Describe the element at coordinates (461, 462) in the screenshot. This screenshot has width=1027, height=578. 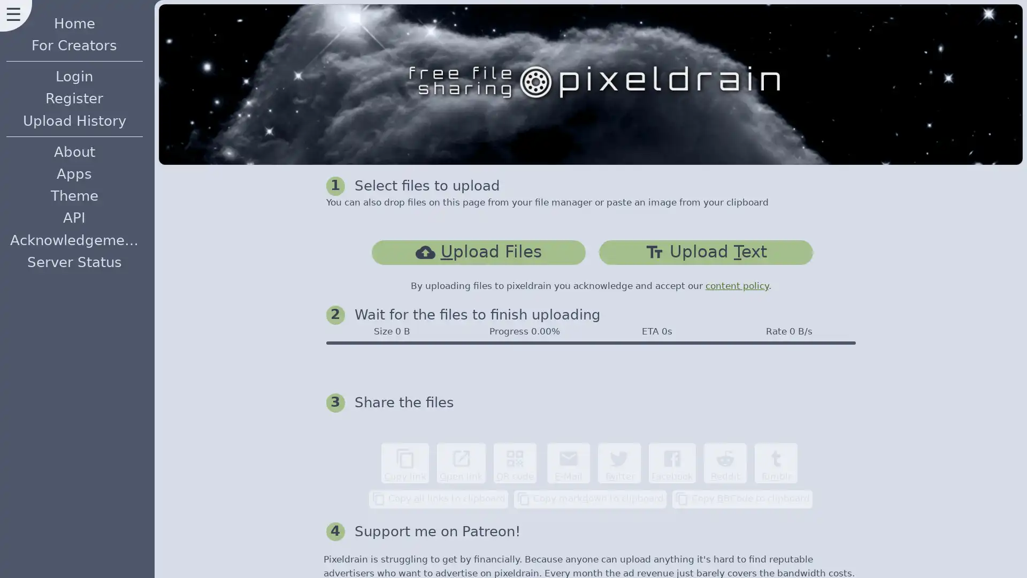
I see `open_in_new Open link` at that location.